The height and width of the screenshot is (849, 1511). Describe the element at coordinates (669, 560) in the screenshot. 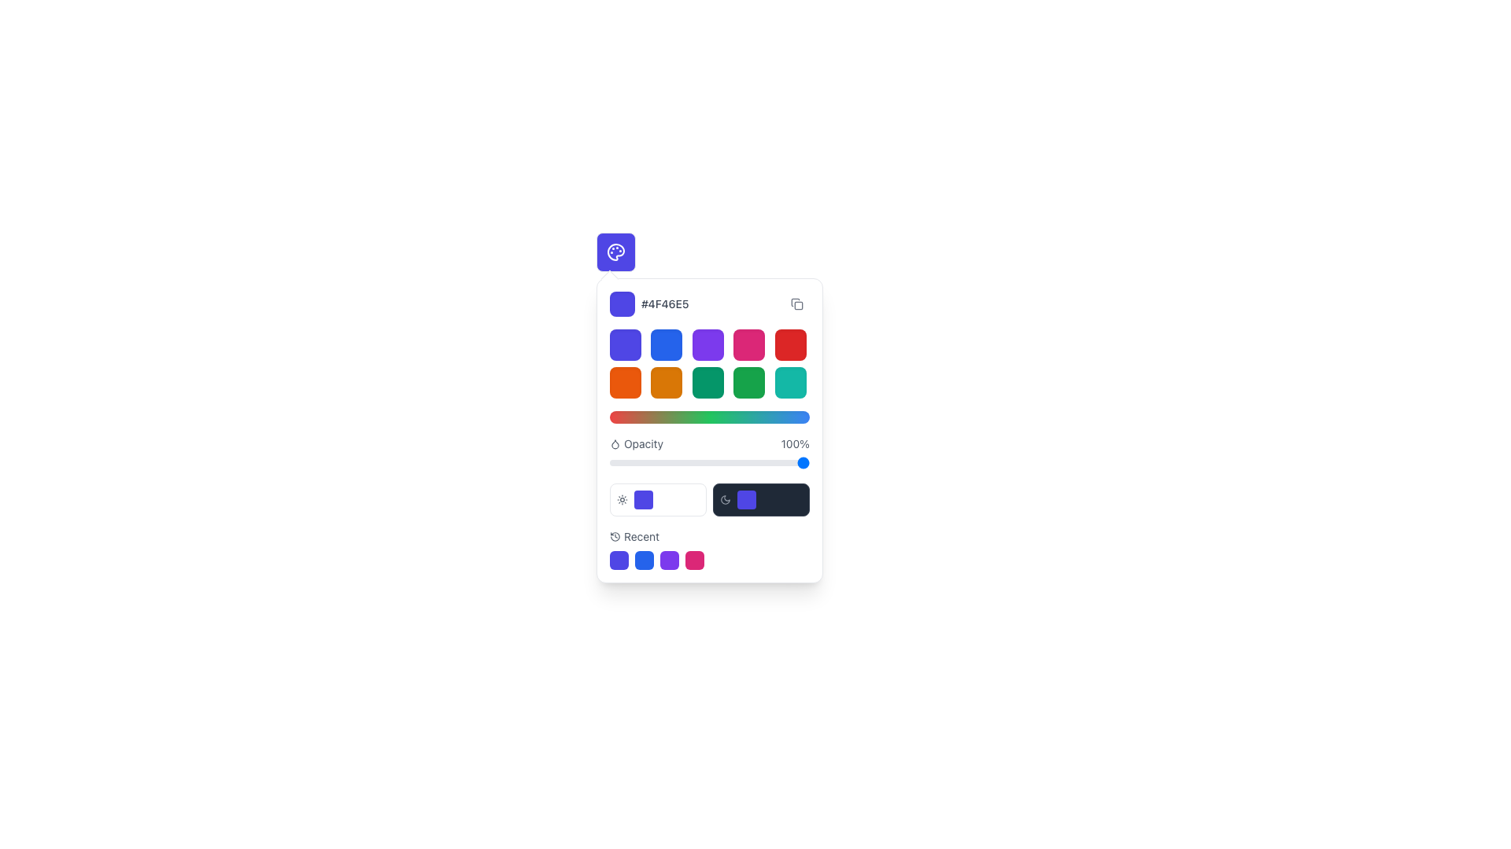

I see `the third clickable color selection box filled with vibrant purple color located in the 'Recent' section of the dropdown panel` at that location.